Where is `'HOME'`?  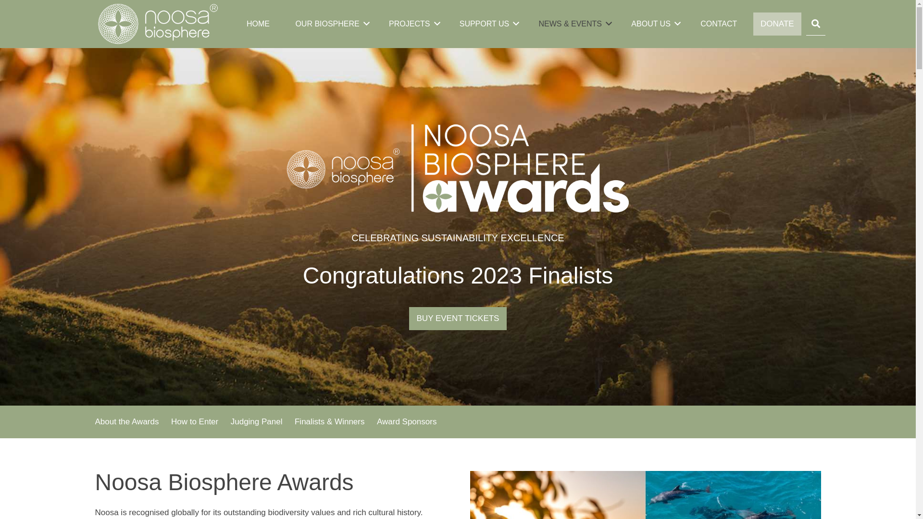 'HOME' is located at coordinates (242, 24).